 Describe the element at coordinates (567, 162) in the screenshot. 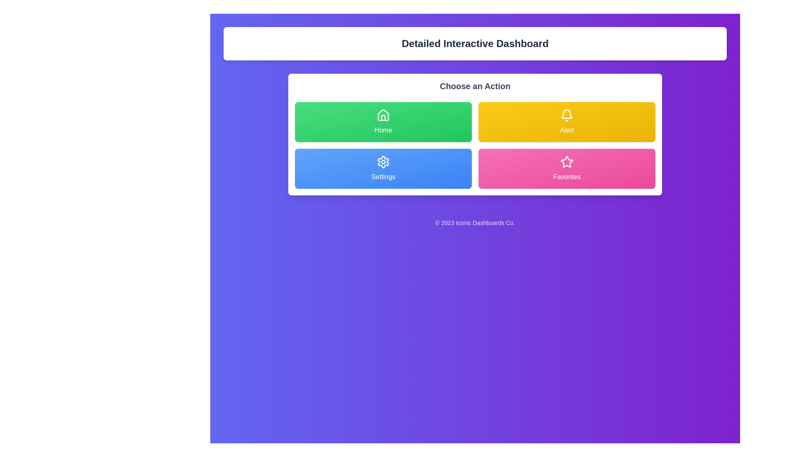

I see `the star-shaped icon with a pink outline located at the center of the 'Favorites' button` at that location.